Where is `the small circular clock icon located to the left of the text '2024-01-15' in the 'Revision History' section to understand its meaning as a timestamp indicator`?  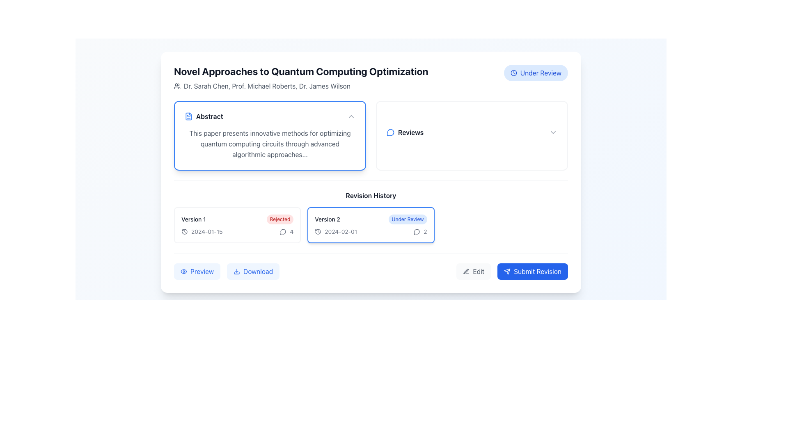 the small circular clock icon located to the left of the text '2024-01-15' in the 'Revision History' section to understand its meaning as a timestamp indicator is located at coordinates (184, 231).